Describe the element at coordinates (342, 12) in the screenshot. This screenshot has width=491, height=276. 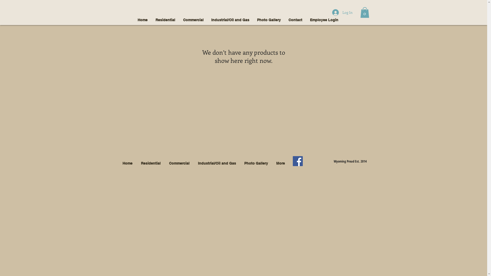
I see `'Log In'` at that location.